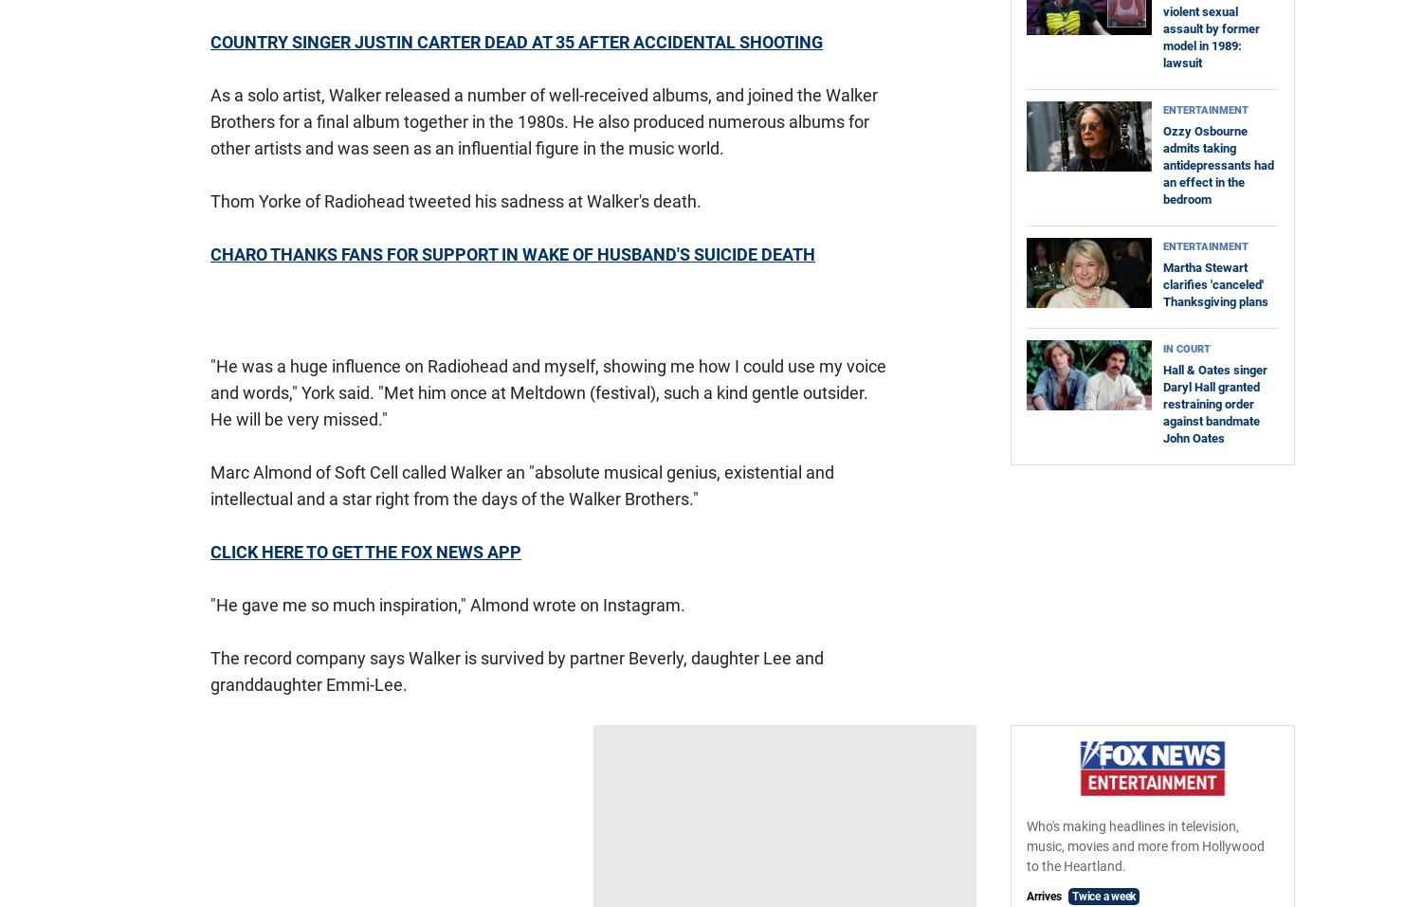 This screenshot has width=1422, height=907. What do you see at coordinates (447, 604) in the screenshot?
I see `'"He gave me so much inspiration," Almond wrote on Instagram.'` at bounding box center [447, 604].